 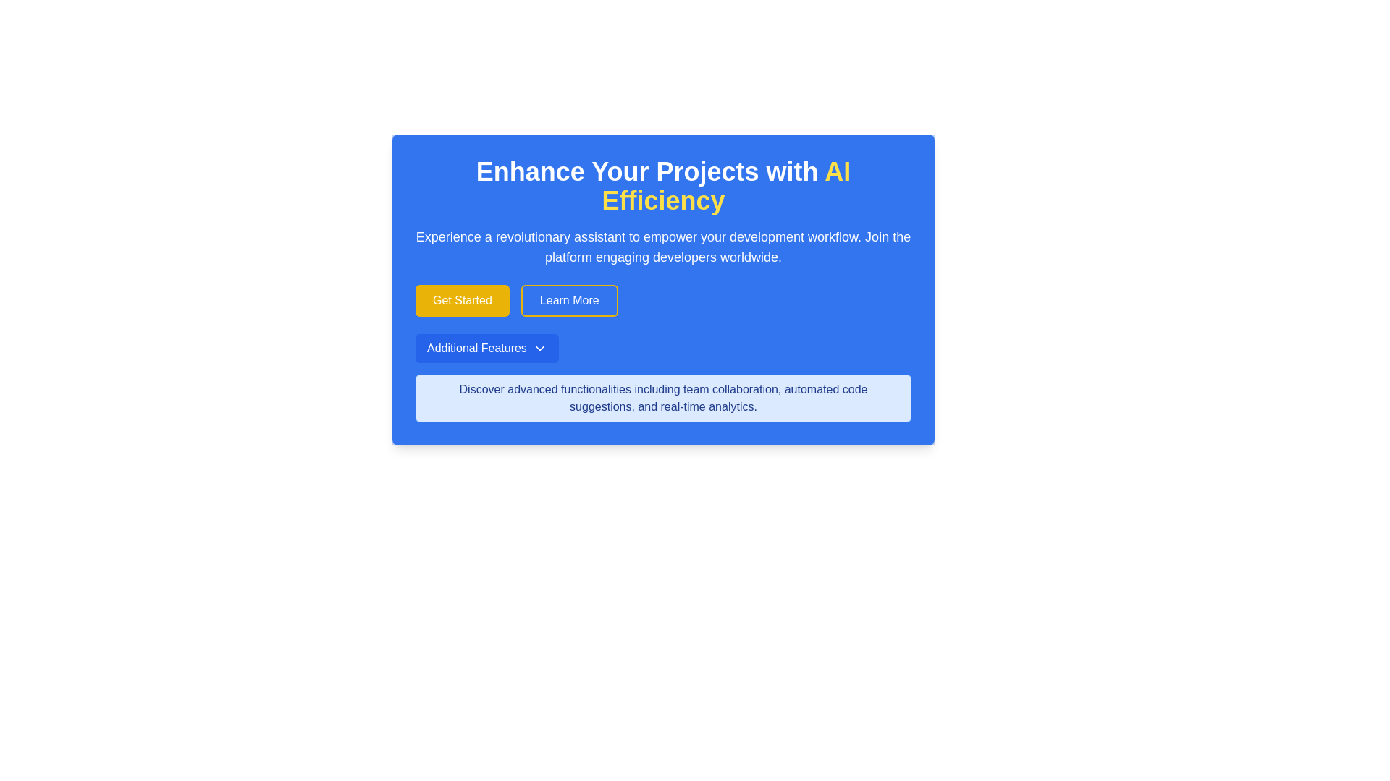 What do you see at coordinates (486, 349) in the screenshot?
I see `the 'Additional Features' interactive button with dropdown functionality` at bounding box center [486, 349].